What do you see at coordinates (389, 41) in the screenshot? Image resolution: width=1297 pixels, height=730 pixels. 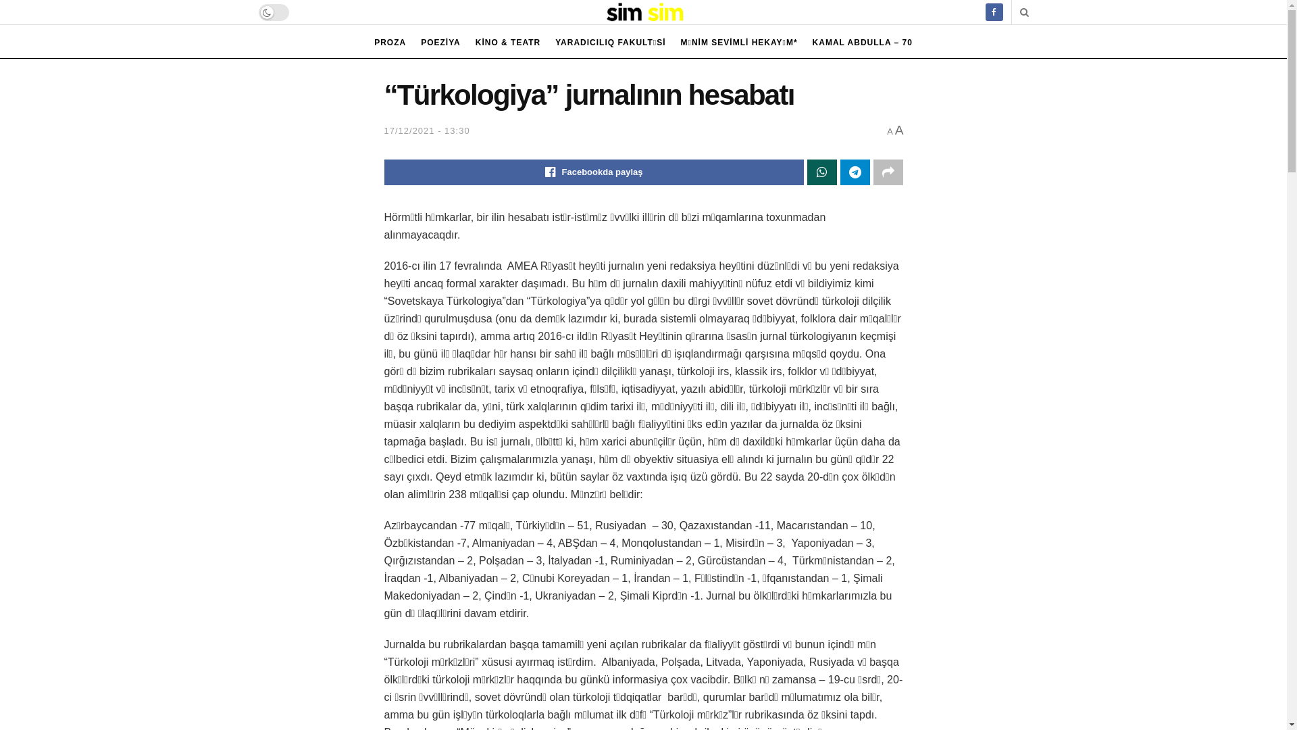 I see `'PROZA'` at bounding box center [389, 41].